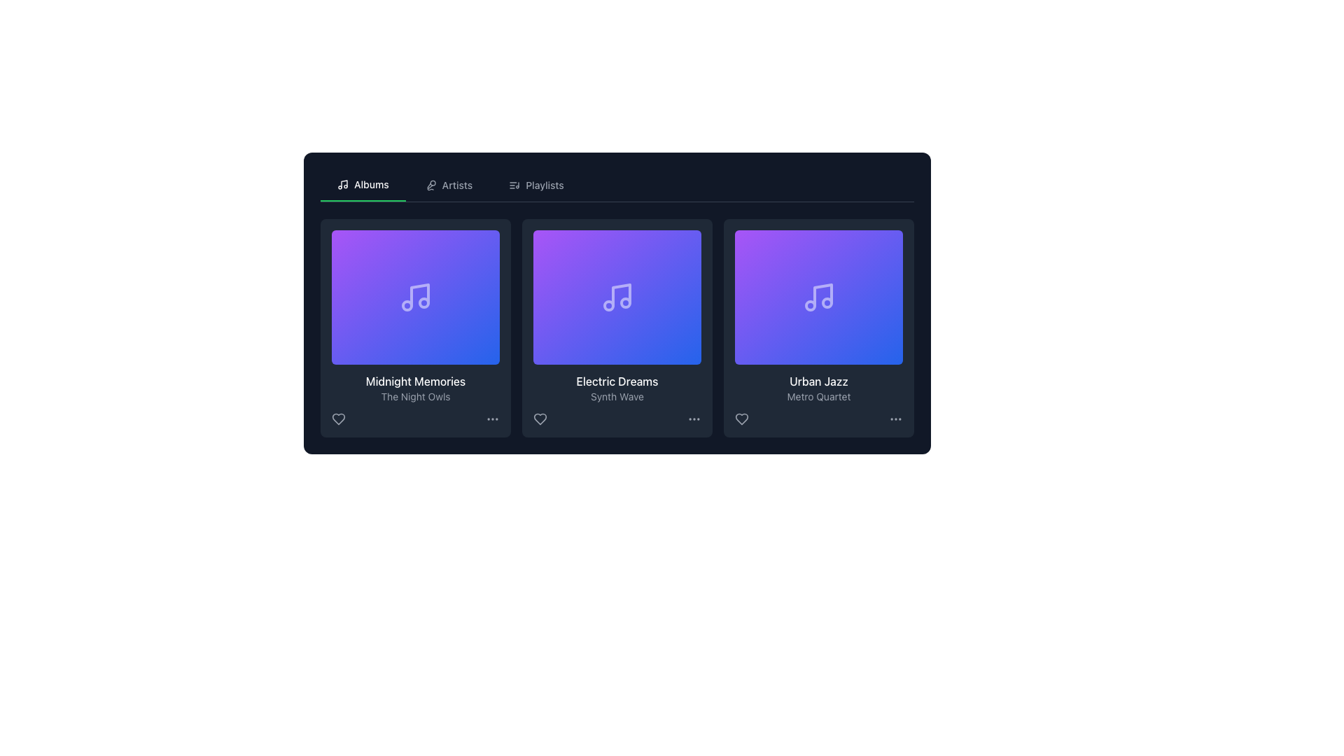 The image size is (1344, 756). Describe the element at coordinates (342, 183) in the screenshot. I see `the musical note icon in the navigation bar` at that location.